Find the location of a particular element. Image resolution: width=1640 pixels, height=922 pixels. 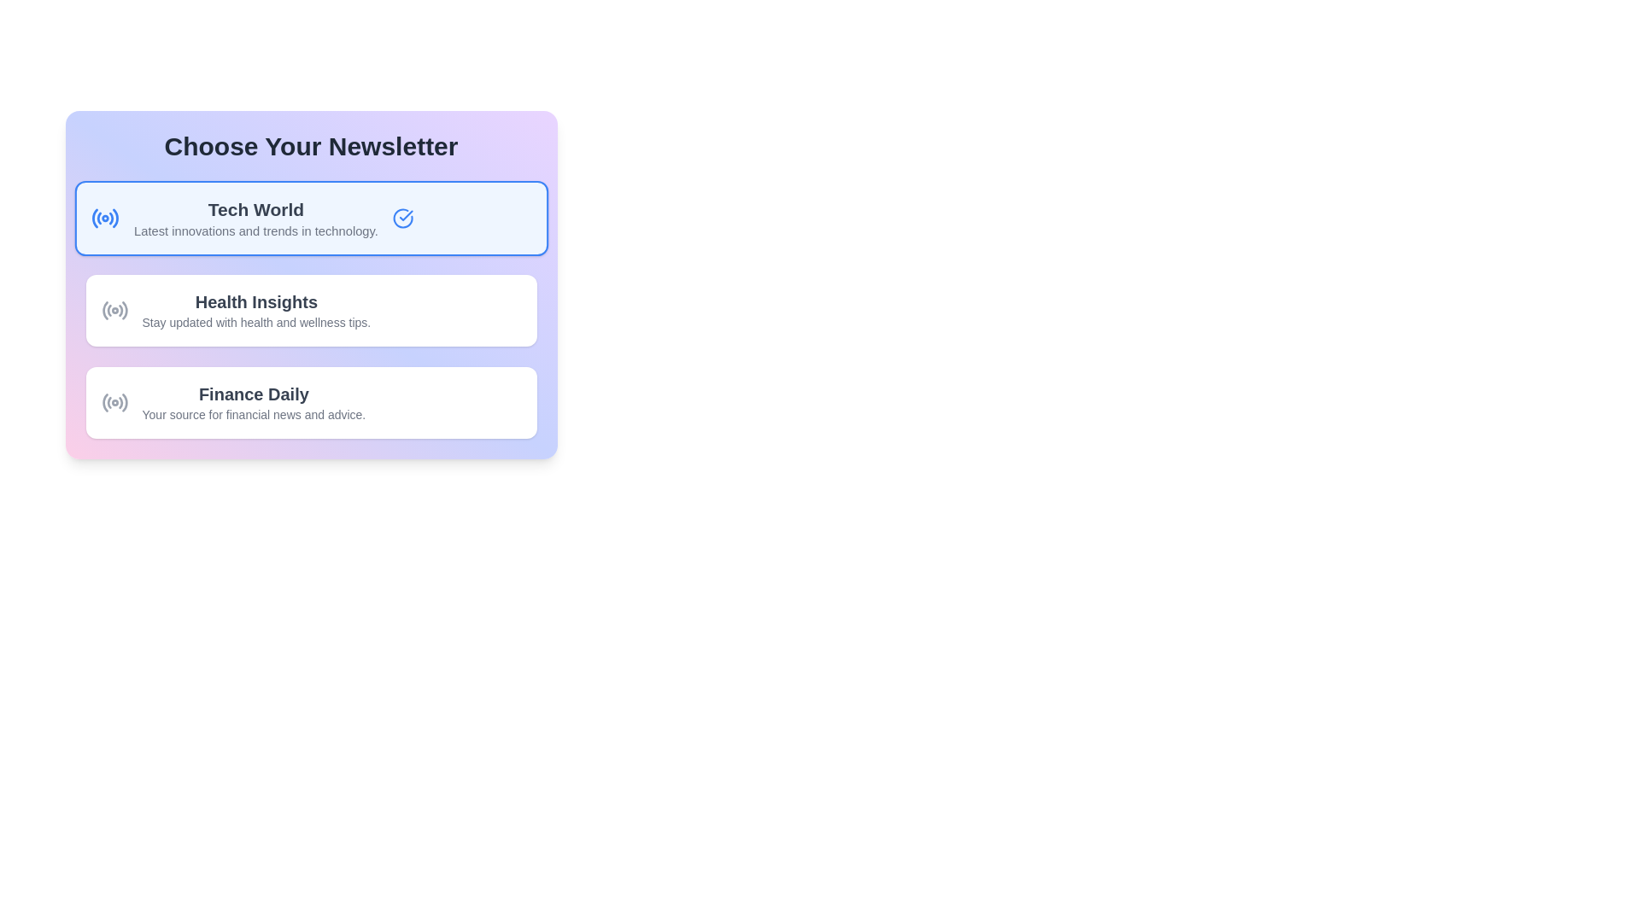

the text element that reads 'Stay updated with health and wellness tips.' located below the 'Health Insights' header in the rectangular card section is located at coordinates (255, 323).